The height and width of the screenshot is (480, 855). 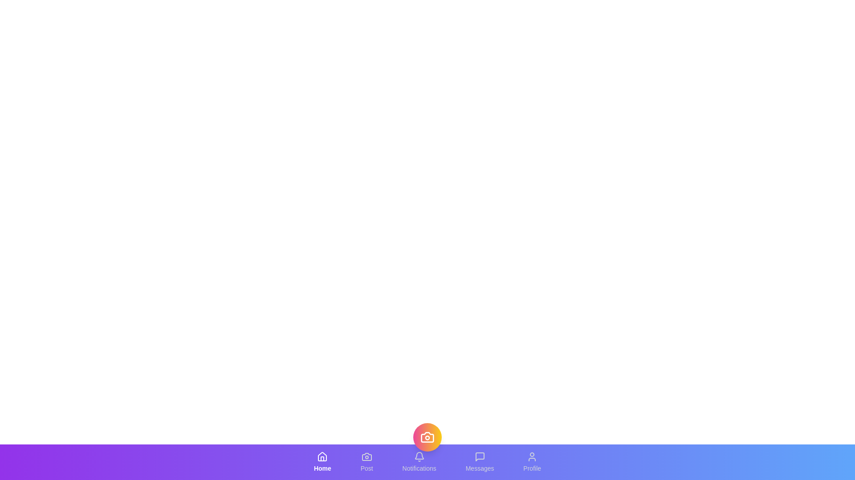 What do you see at coordinates (532, 462) in the screenshot?
I see `the Profile tab to switch to its section` at bounding box center [532, 462].